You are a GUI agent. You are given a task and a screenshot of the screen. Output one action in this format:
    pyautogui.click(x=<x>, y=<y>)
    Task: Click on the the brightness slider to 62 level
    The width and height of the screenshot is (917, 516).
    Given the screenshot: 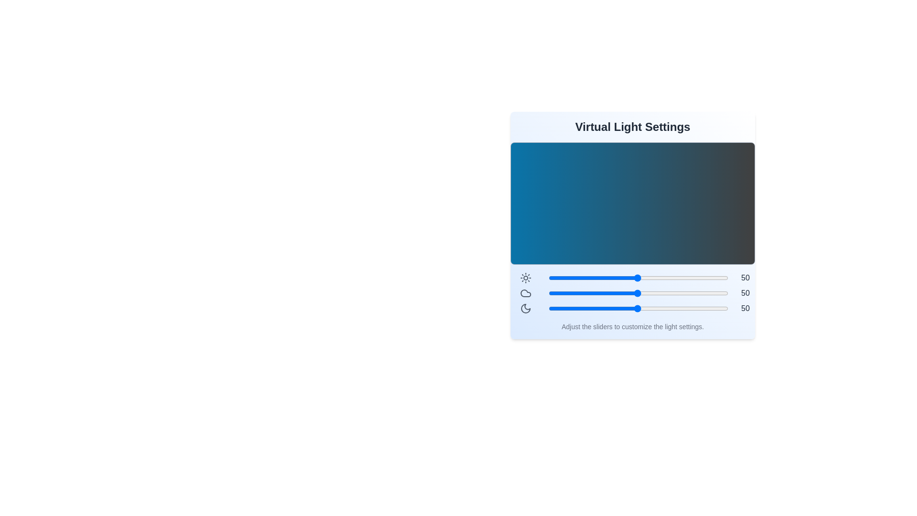 What is the action you would take?
    pyautogui.click(x=659, y=278)
    